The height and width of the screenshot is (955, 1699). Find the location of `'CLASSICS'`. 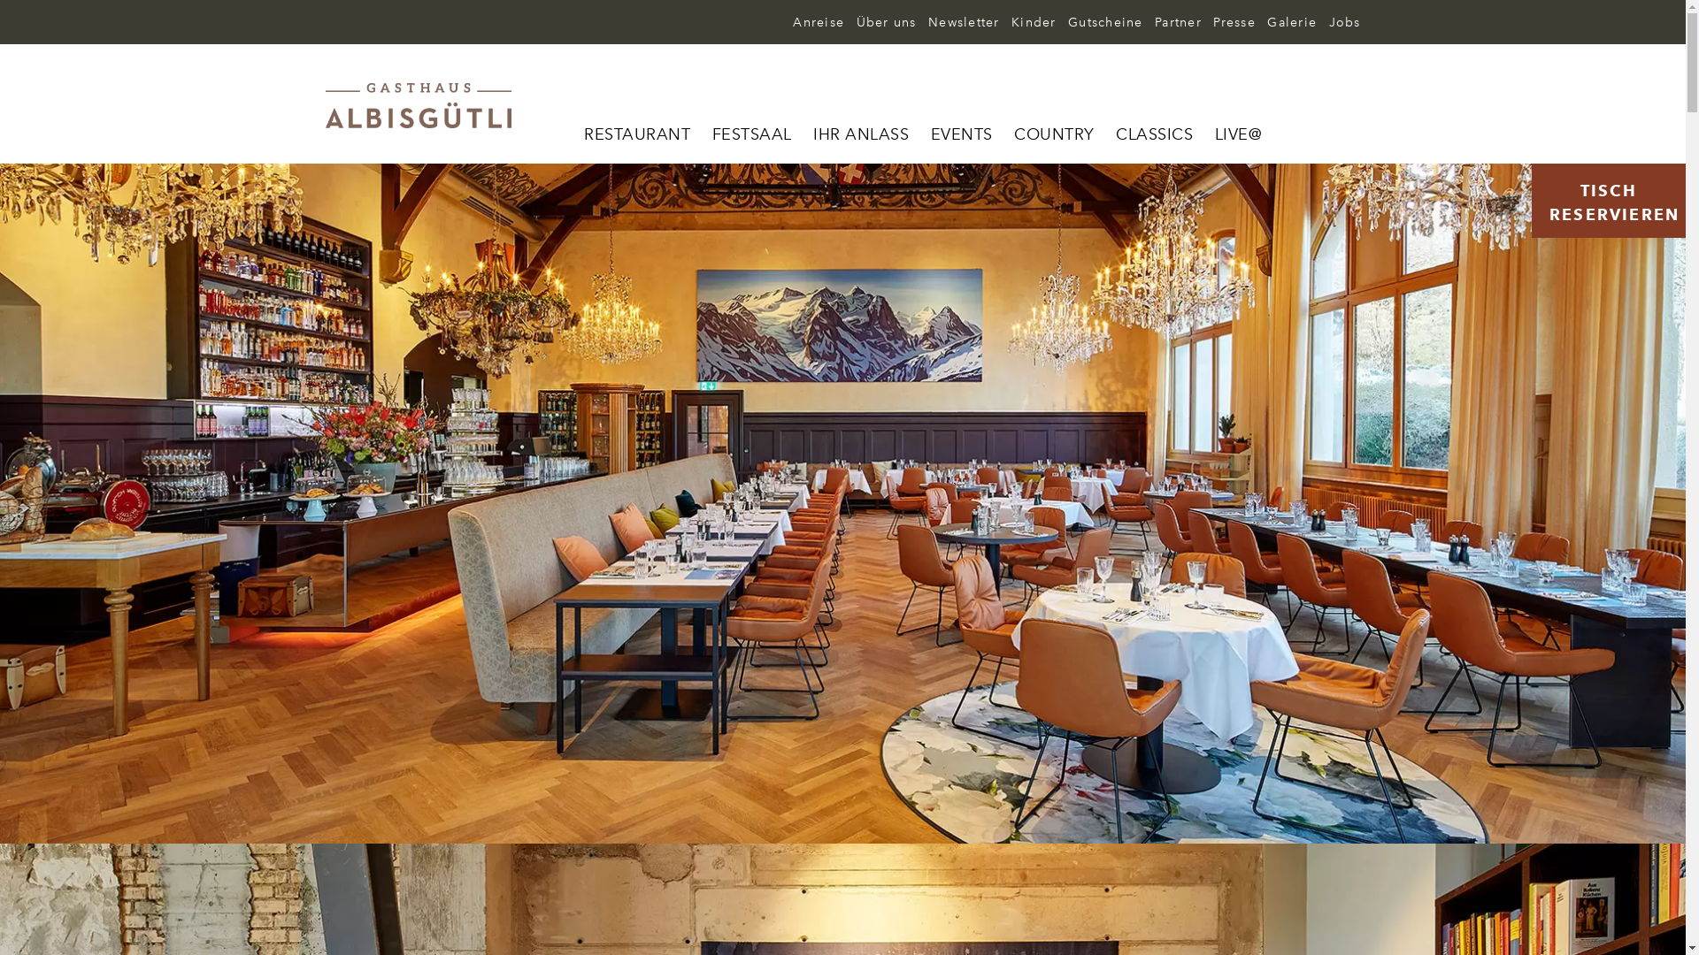

'CLASSICS' is located at coordinates (1154, 135).